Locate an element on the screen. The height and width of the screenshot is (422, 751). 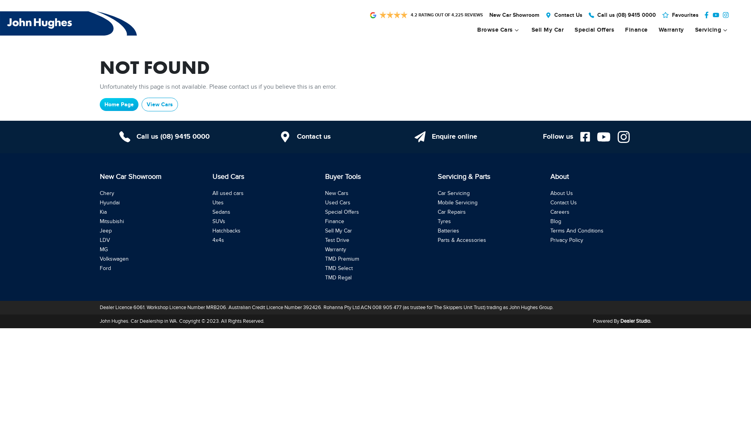
'Volkswagen' is located at coordinates (114, 259).